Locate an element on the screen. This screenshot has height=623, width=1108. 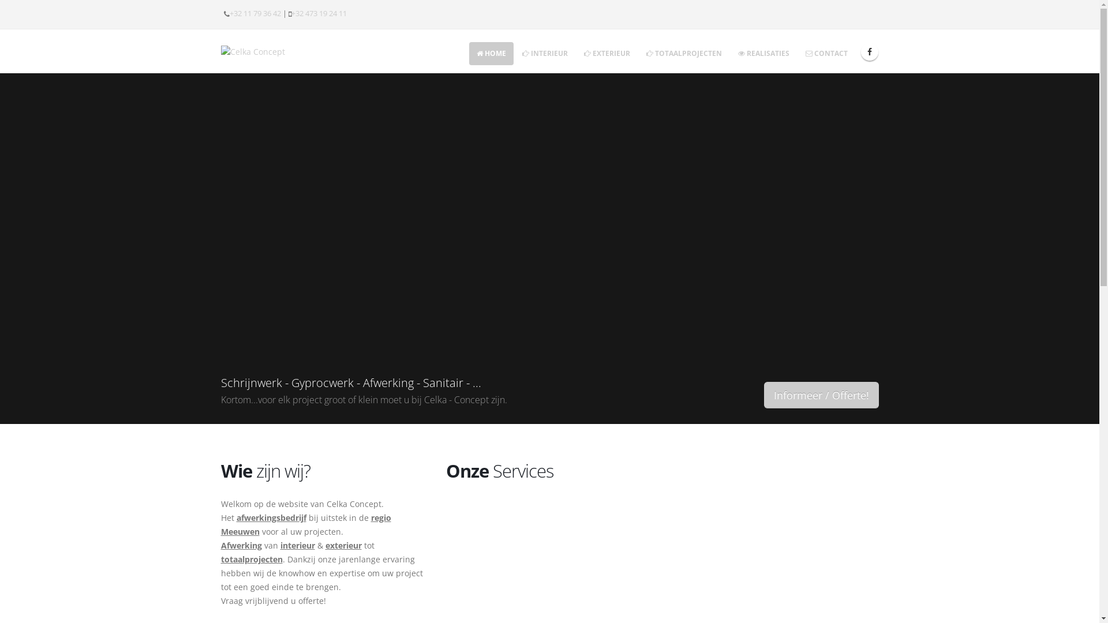
'+32 11 79 36 42' is located at coordinates (254, 13).